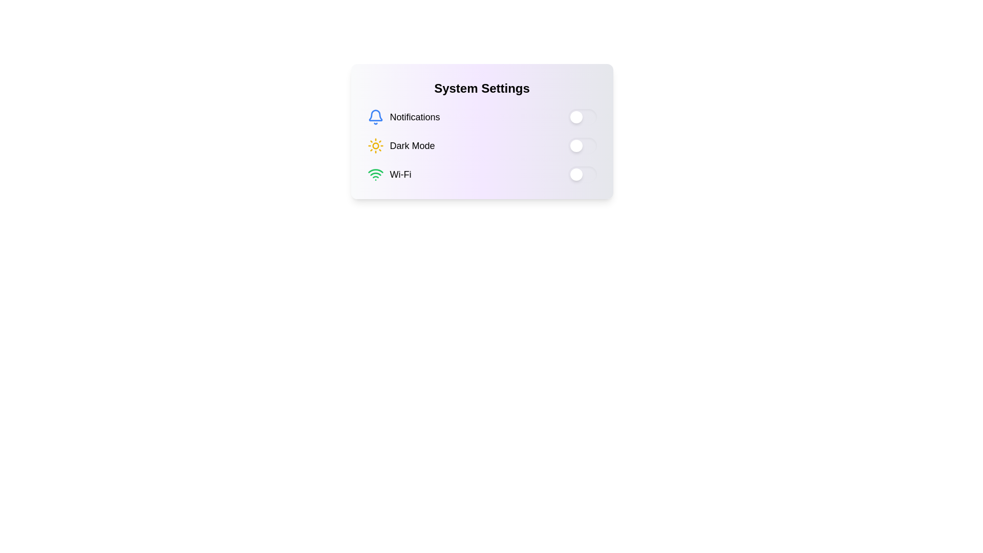 This screenshot has width=983, height=553. What do you see at coordinates (481, 146) in the screenshot?
I see `the toggle switch labeled 'Dark Mode' in the settings menu` at bounding box center [481, 146].